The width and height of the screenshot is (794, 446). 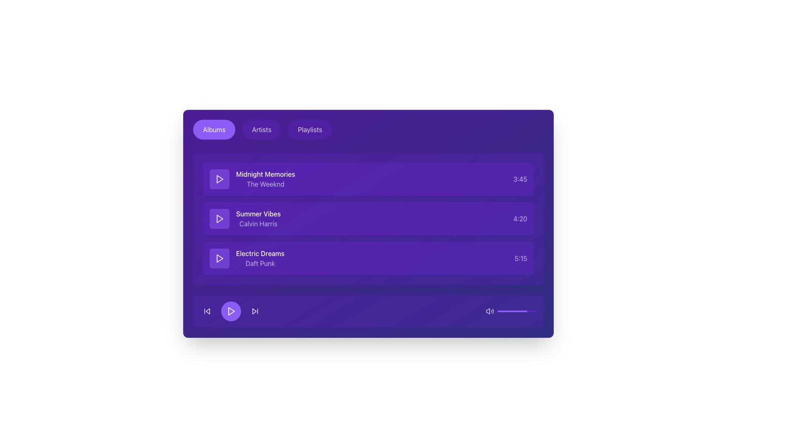 What do you see at coordinates (231, 311) in the screenshot?
I see `the playback button located in the playback controls section, which is the second button in a row of three` at bounding box center [231, 311].